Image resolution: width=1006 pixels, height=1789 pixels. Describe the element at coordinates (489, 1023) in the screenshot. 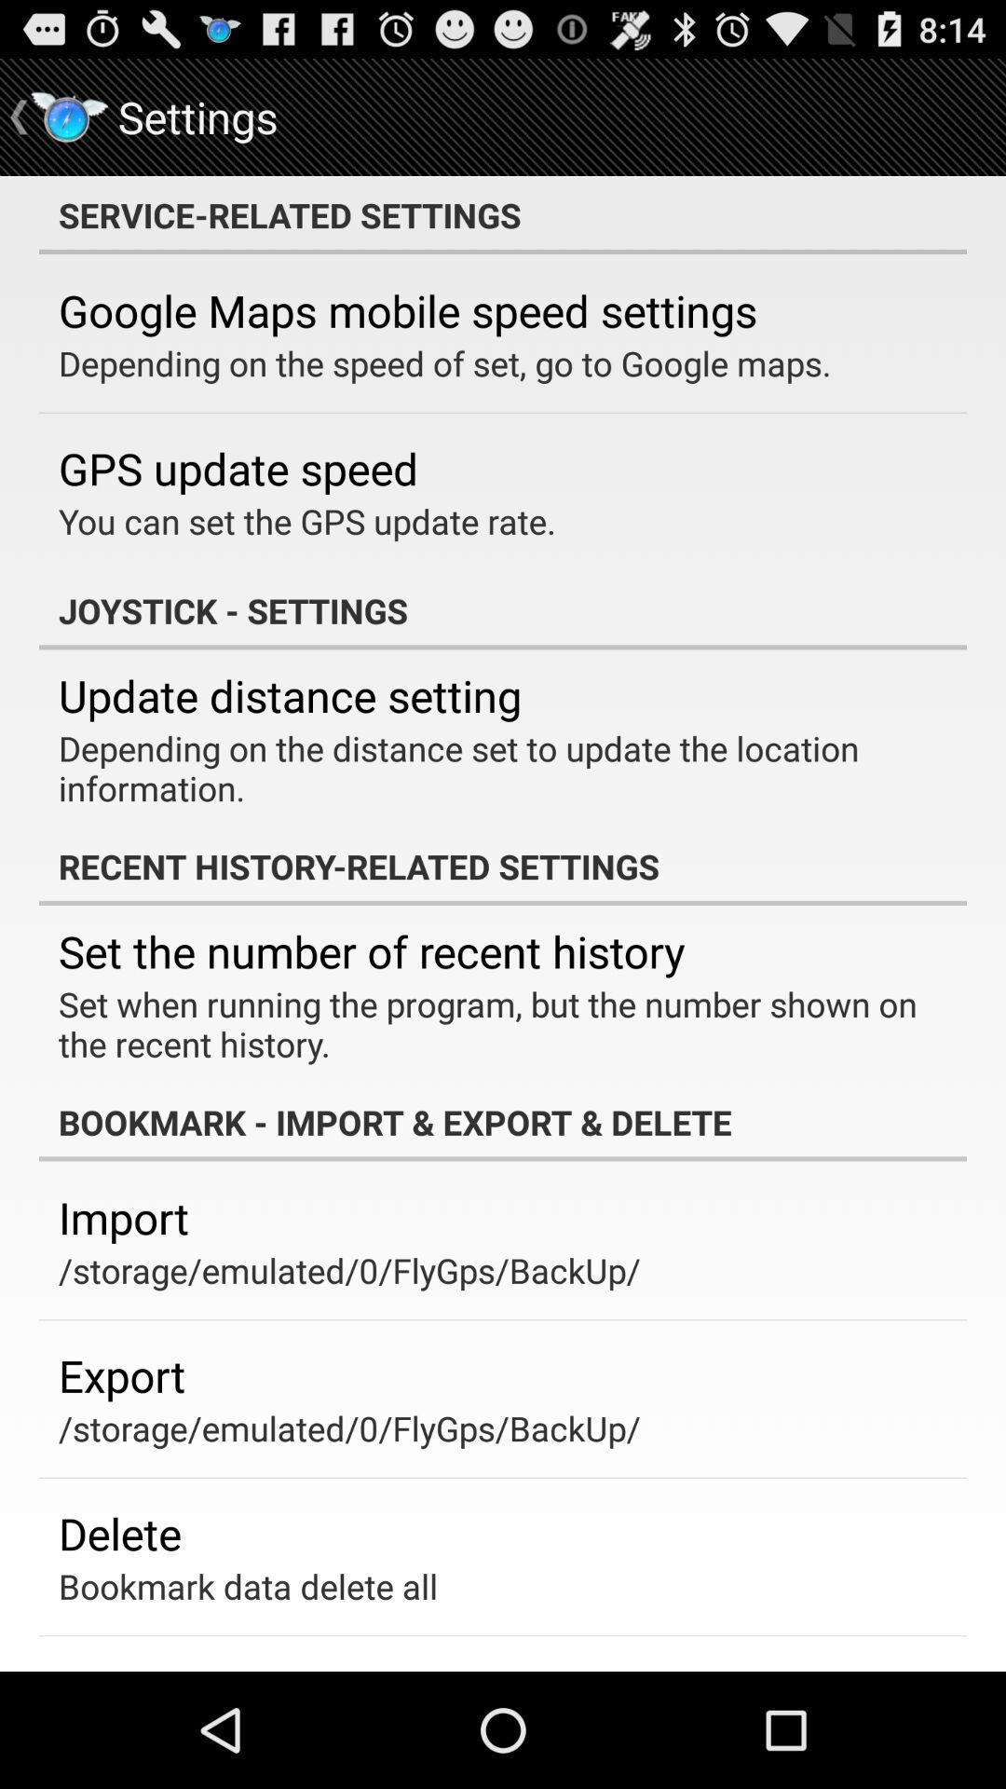

I see `item above the bookmark import export` at that location.